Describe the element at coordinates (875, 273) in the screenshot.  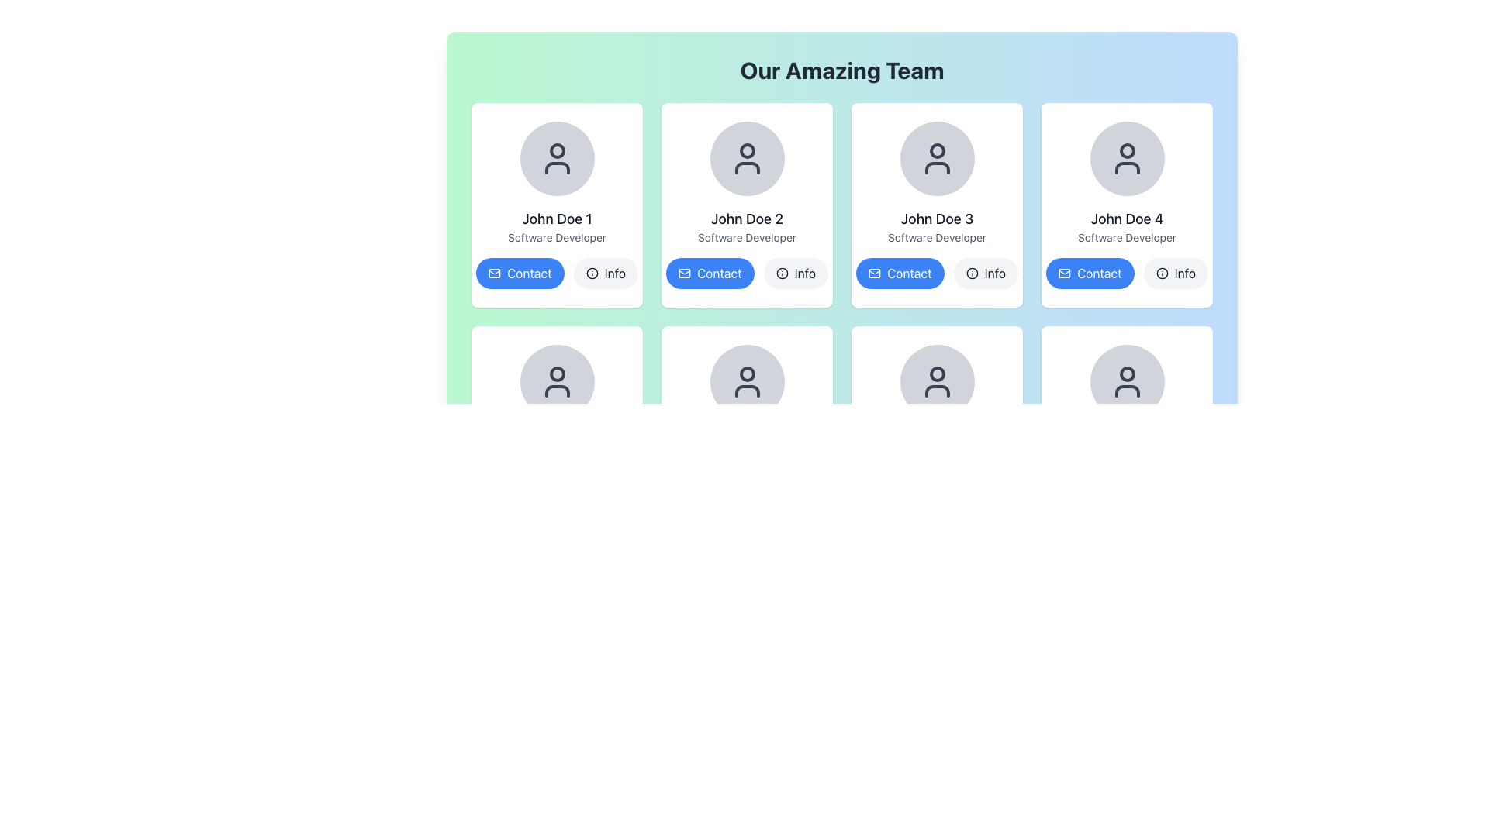
I see `the envelope icon with a blue background, which is part of the 'Contact' button beneath the 'John Doe 3' card, located in the top row's third column, positioned to the left of the text 'Contact'` at that location.